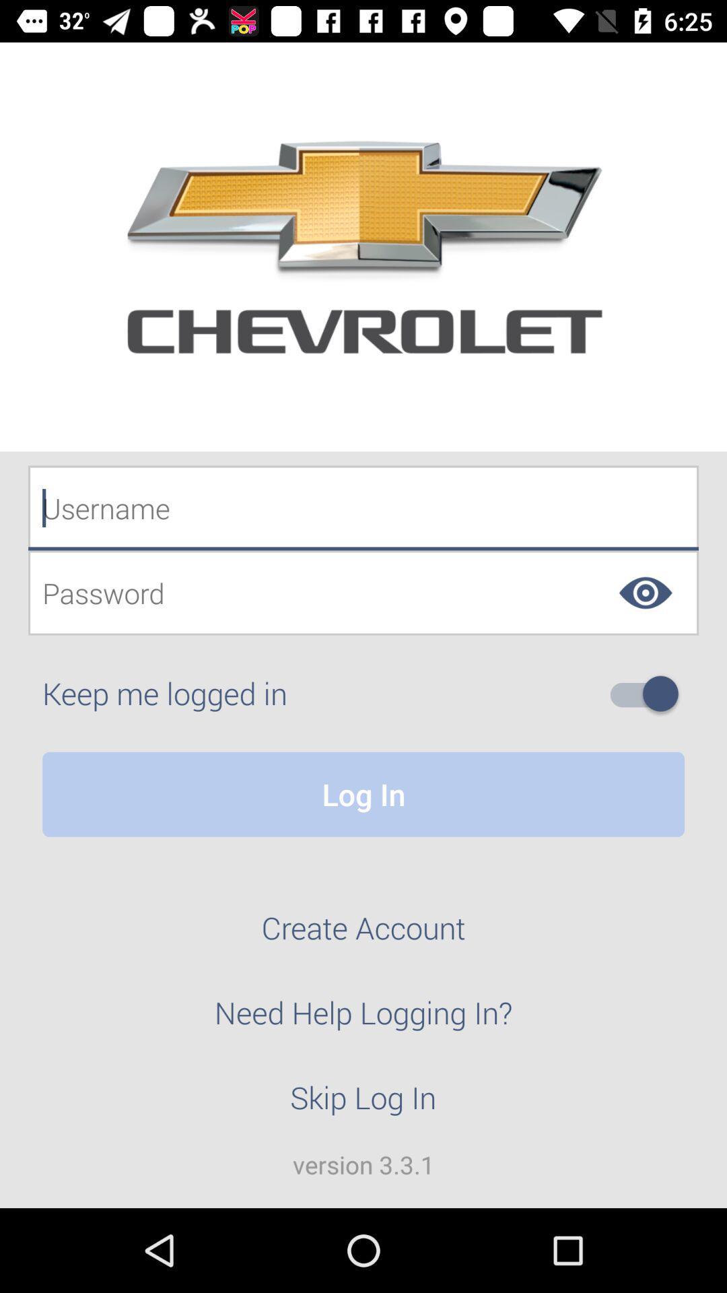  What do you see at coordinates (363, 1020) in the screenshot?
I see `item above the skip log in` at bounding box center [363, 1020].